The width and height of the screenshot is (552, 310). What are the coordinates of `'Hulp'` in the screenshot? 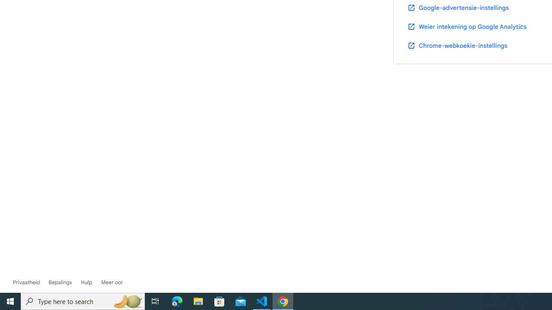 It's located at (86, 282).